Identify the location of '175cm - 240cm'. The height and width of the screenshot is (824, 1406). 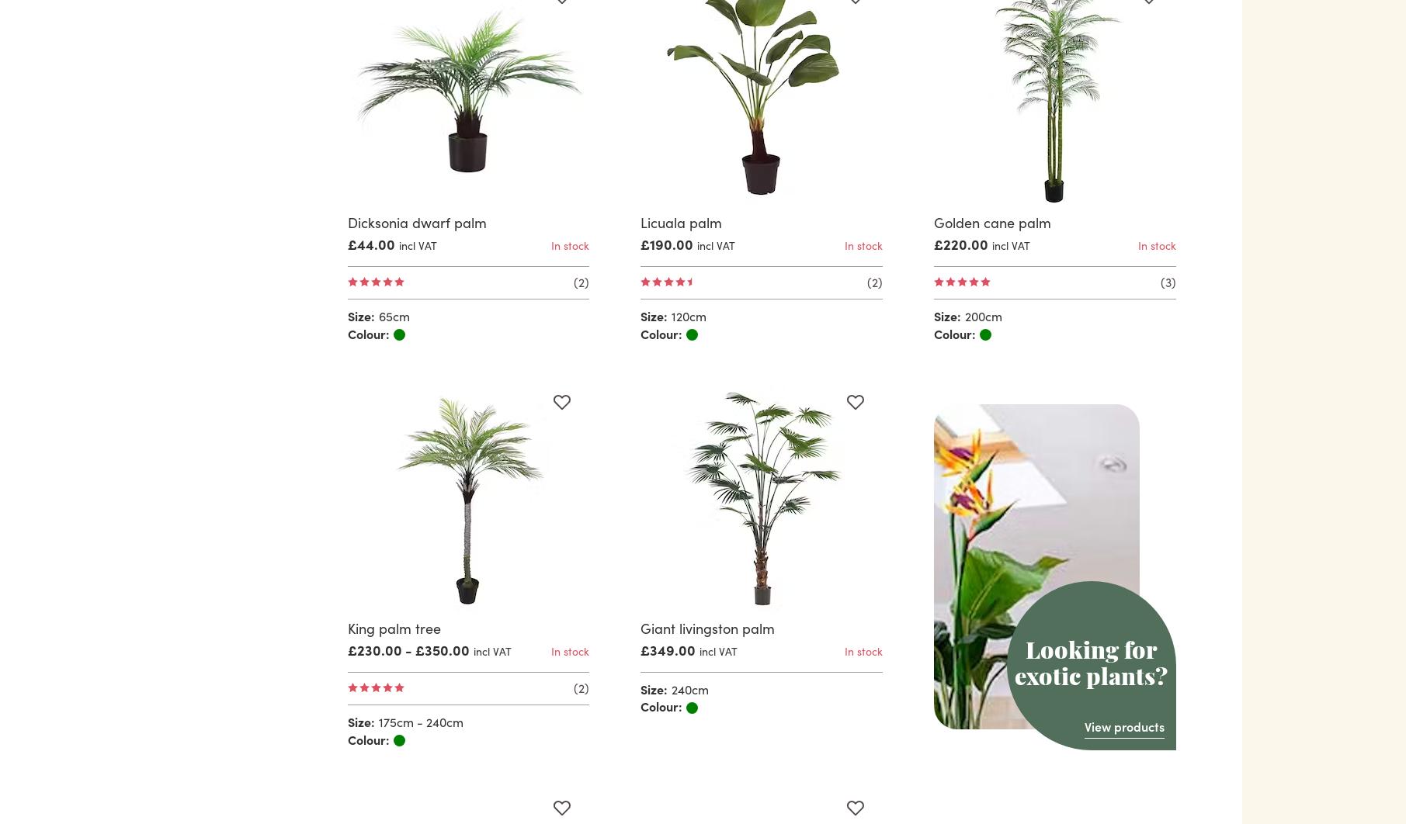
(377, 720).